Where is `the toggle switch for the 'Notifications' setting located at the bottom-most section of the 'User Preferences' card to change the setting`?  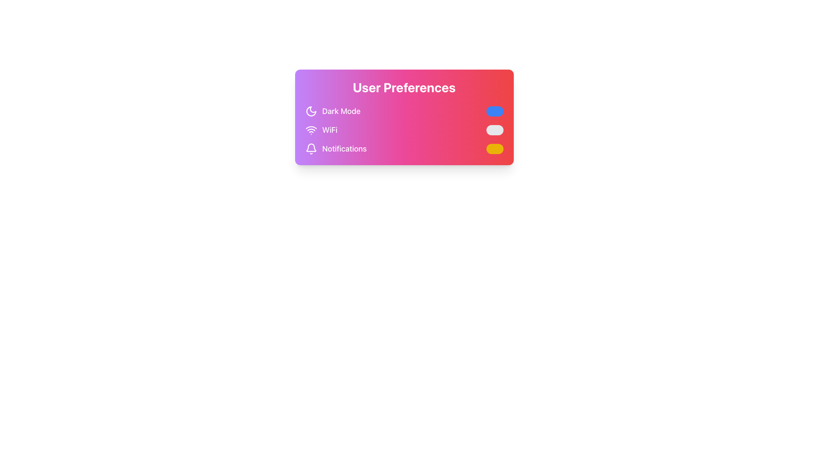 the toggle switch for the 'Notifications' setting located at the bottom-most section of the 'User Preferences' card to change the setting is located at coordinates (404, 148).